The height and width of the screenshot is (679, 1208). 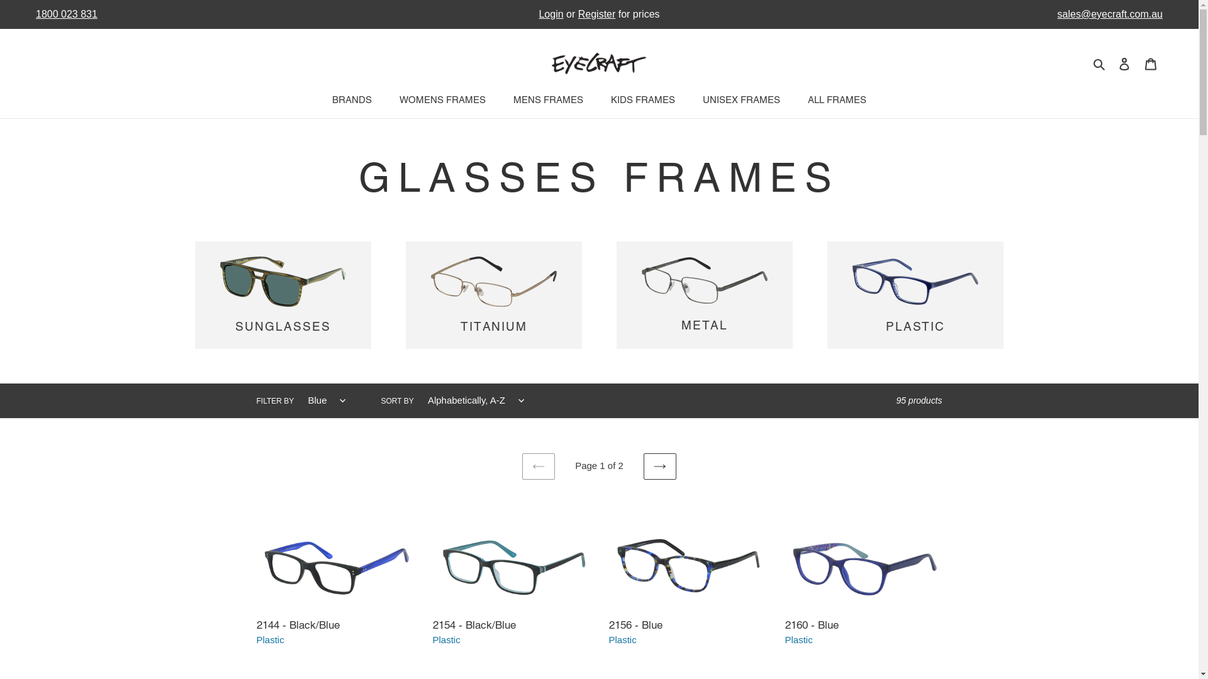 I want to click on 'ALL FRAMES', so click(x=837, y=101).